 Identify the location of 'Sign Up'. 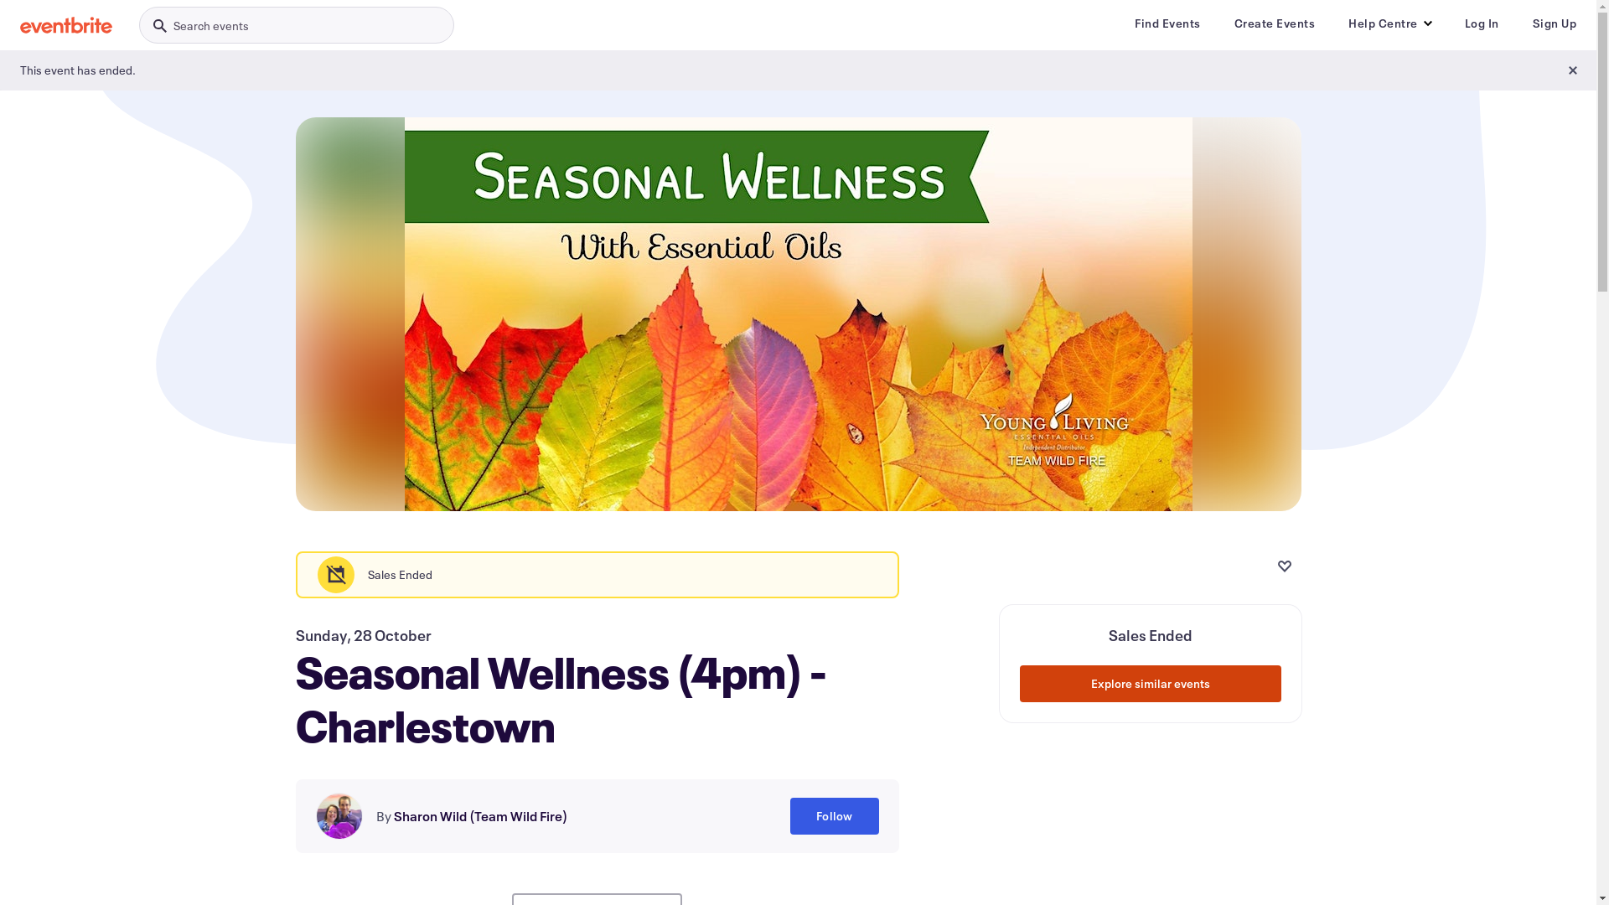
(1553, 23).